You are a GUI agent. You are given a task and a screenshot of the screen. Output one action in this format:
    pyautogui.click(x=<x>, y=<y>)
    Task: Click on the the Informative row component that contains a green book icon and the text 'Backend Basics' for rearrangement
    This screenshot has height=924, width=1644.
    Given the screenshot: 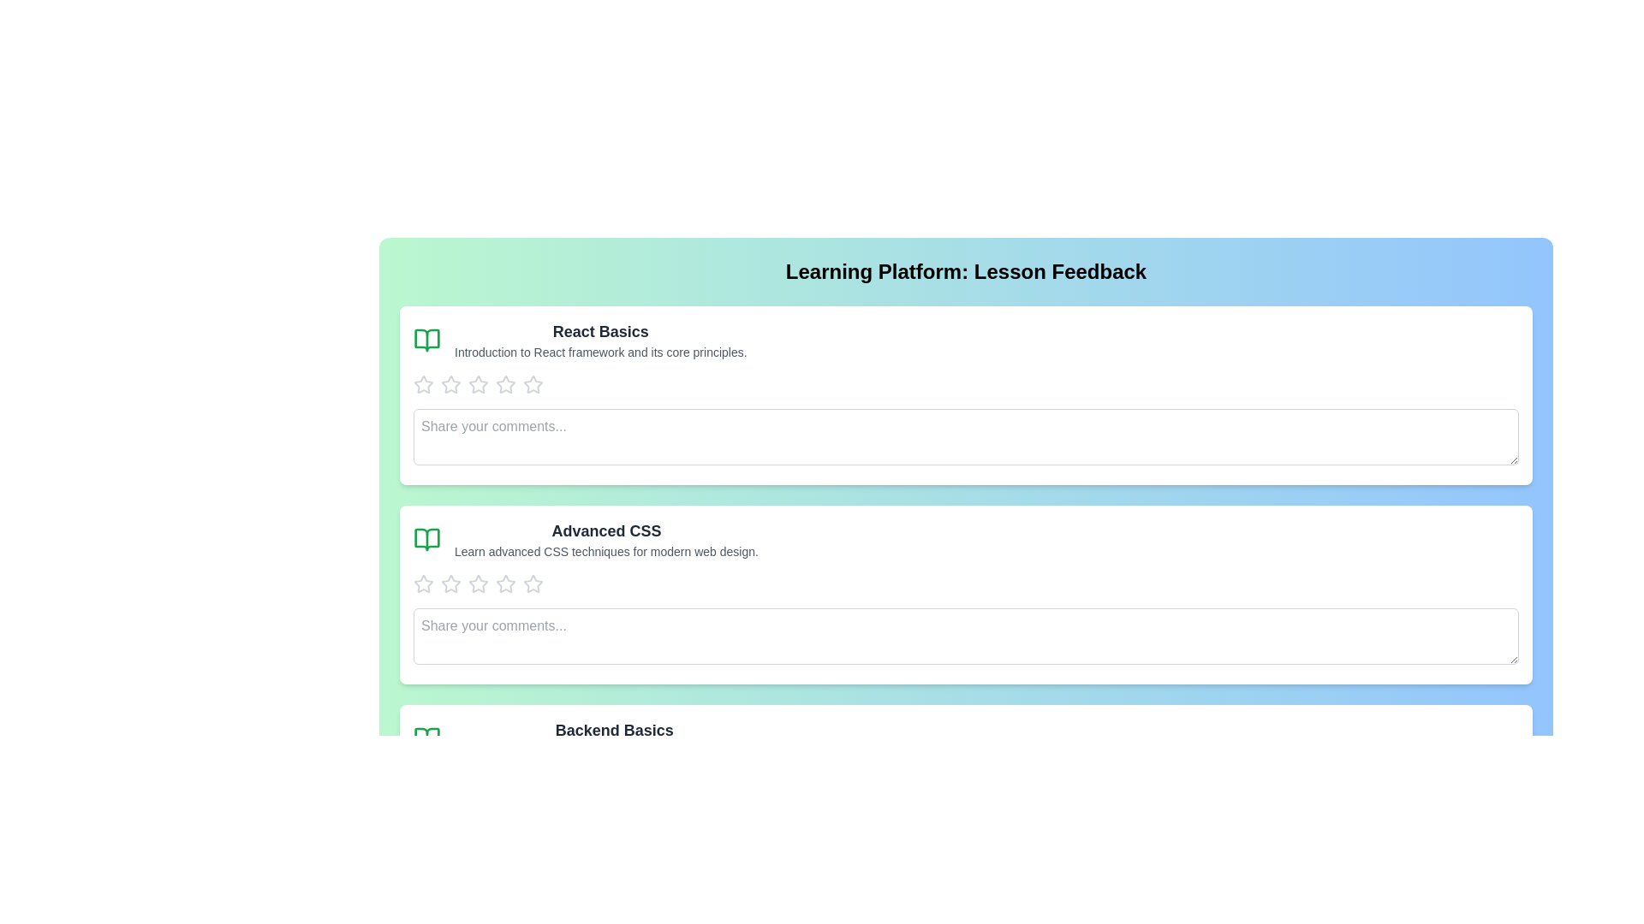 What is the action you would take?
    pyautogui.click(x=966, y=738)
    